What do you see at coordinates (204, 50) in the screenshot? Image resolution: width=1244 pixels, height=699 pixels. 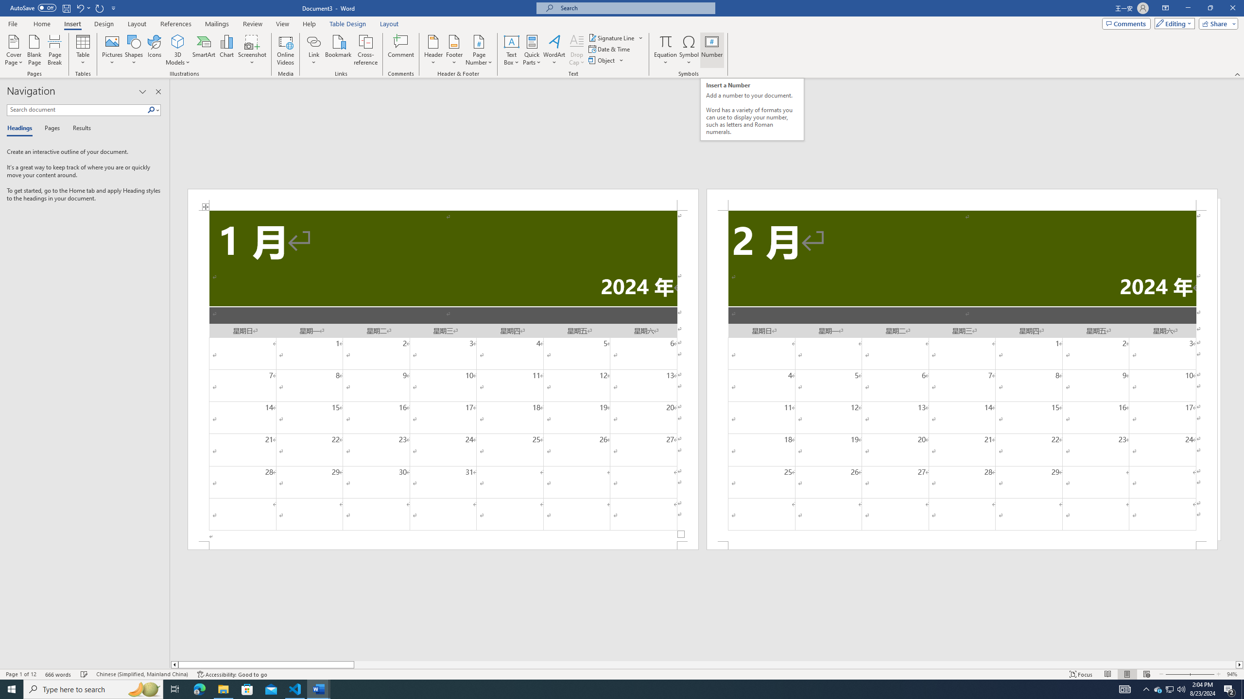 I see `'SmartArt...'` at bounding box center [204, 50].